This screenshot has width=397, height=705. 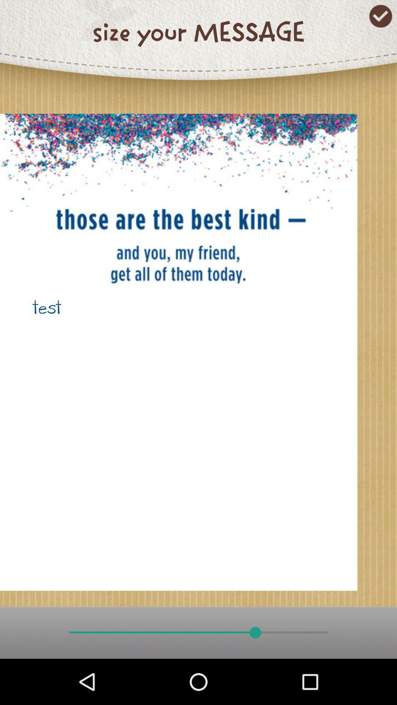 What do you see at coordinates (380, 16) in the screenshot?
I see `confirms and exits out of message screen` at bounding box center [380, 16].